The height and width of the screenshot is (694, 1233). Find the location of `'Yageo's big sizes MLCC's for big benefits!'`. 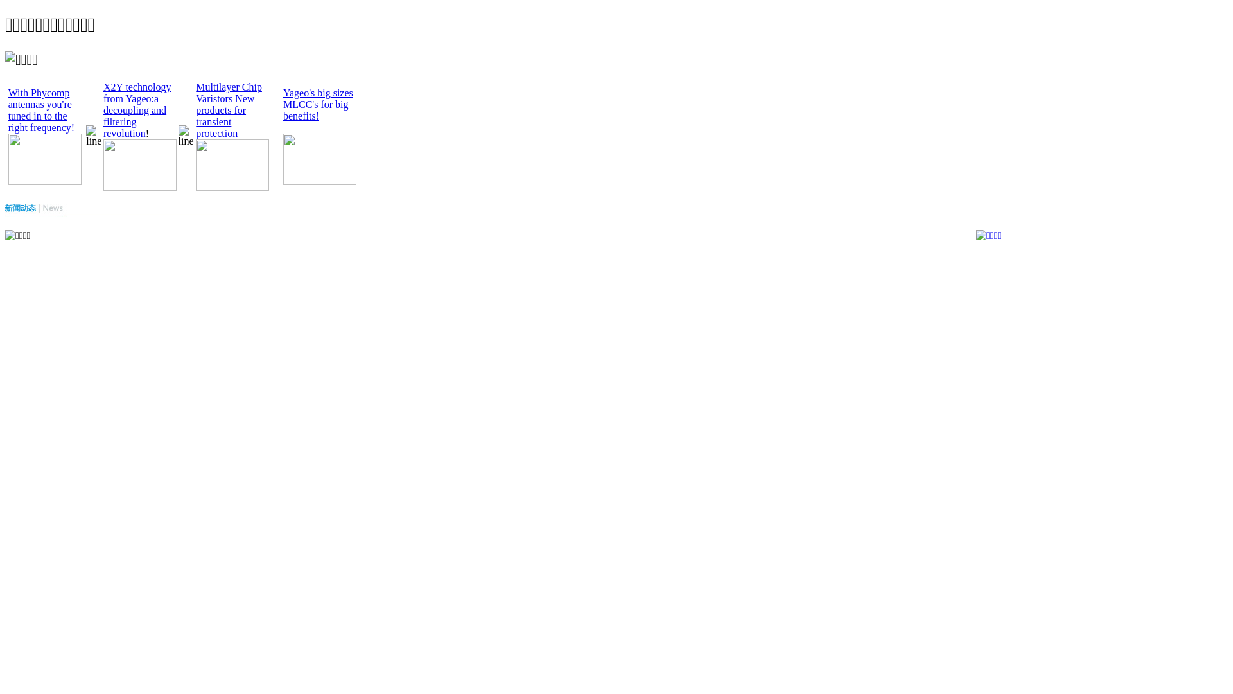

'Yageo's big sizes MLCC's for big benefits!' is located at coordinates (318, 103).